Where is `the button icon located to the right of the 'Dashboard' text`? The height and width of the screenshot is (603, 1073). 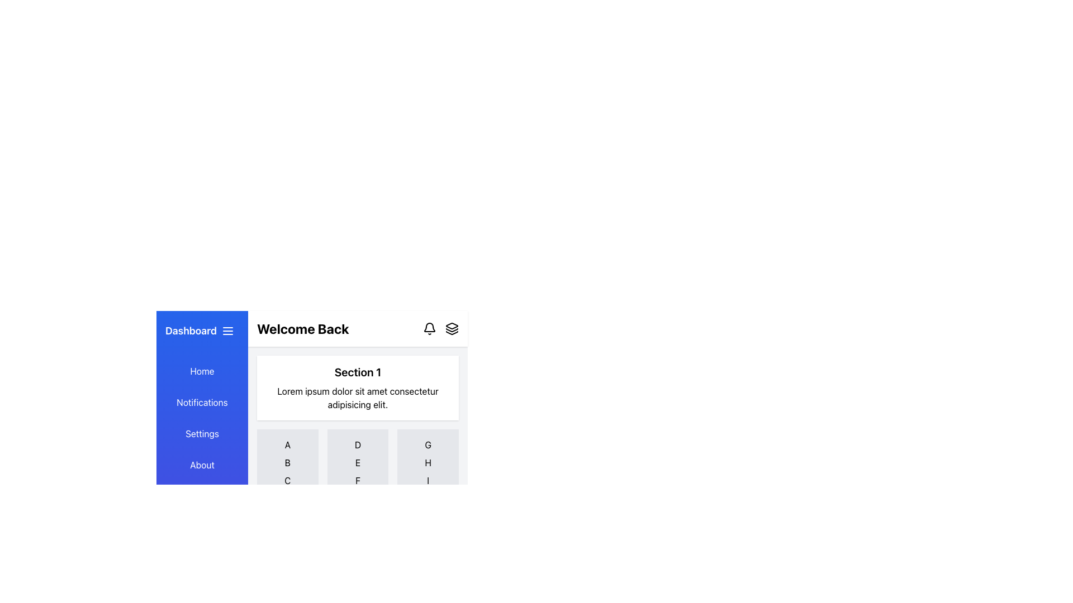
the button icon located to the right of the 'Dashboard' text is located at coordinates (227, 331).